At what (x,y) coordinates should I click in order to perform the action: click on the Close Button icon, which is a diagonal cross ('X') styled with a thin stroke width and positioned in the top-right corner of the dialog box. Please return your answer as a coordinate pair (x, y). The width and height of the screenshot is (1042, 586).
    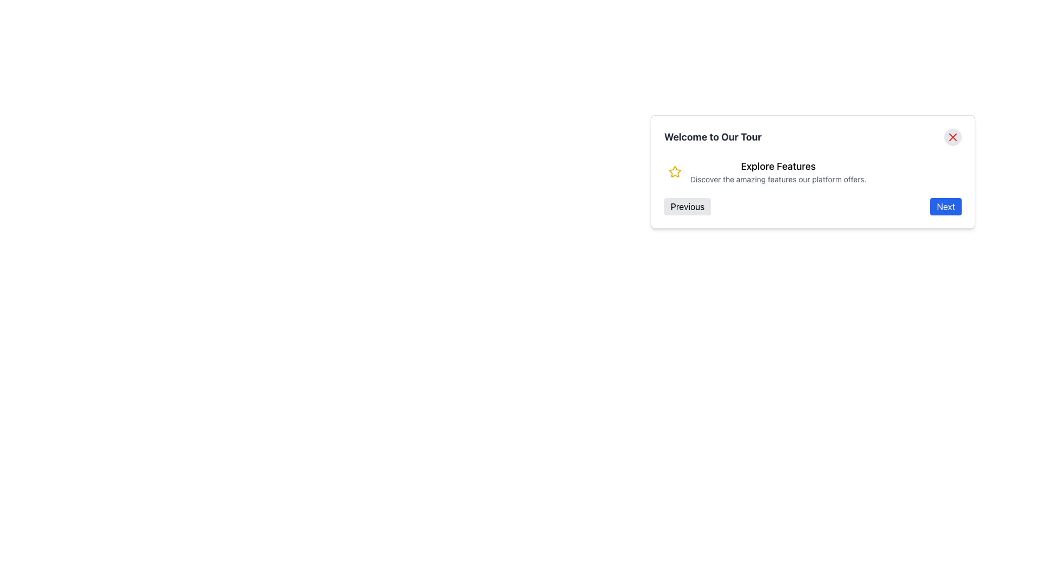
    Looking at the image, I should click on (952, 137).